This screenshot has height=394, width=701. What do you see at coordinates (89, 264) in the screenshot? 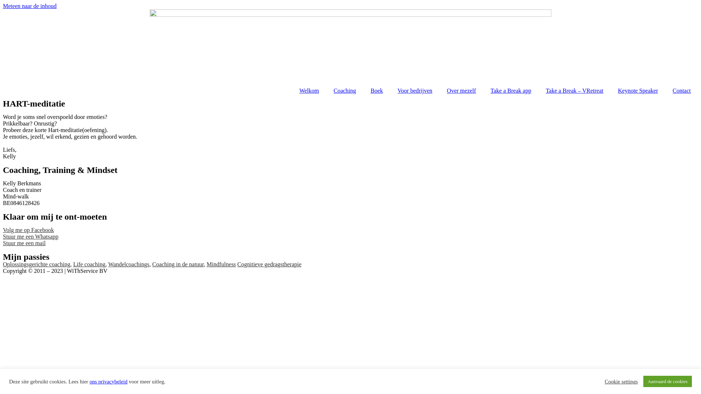
I see `'Life coaching'` at bounding box center [89, 264].